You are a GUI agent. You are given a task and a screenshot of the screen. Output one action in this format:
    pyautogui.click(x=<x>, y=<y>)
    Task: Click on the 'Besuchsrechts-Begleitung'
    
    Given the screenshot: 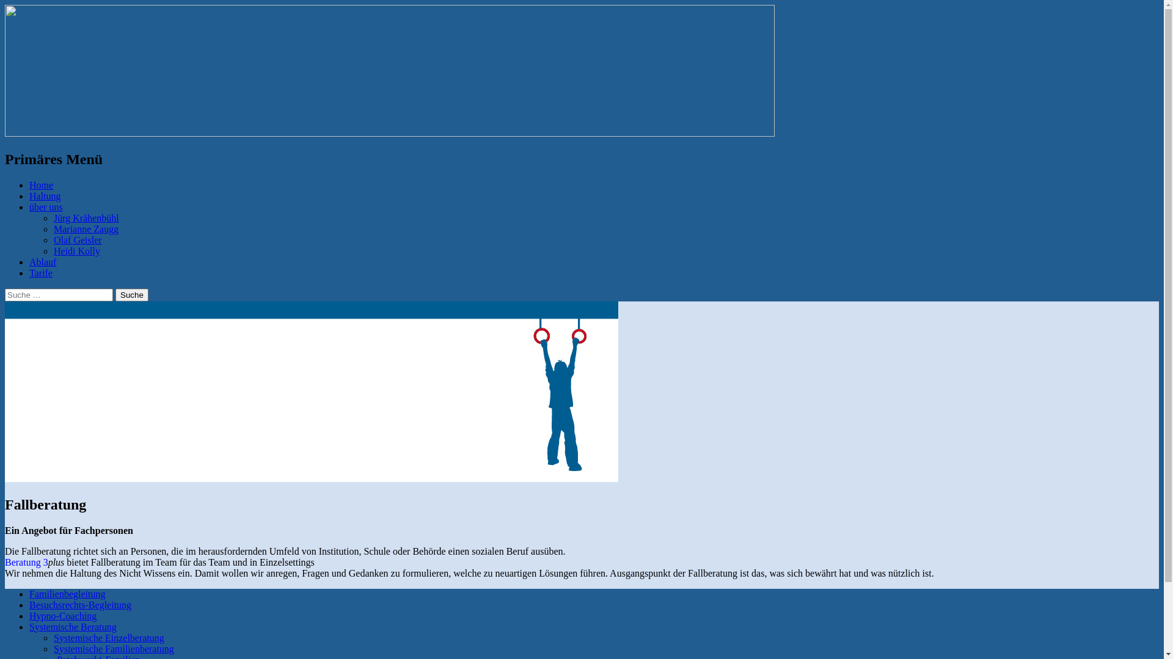 What is the action you would take?
    pyautogui.click(x=79, y=605)
    